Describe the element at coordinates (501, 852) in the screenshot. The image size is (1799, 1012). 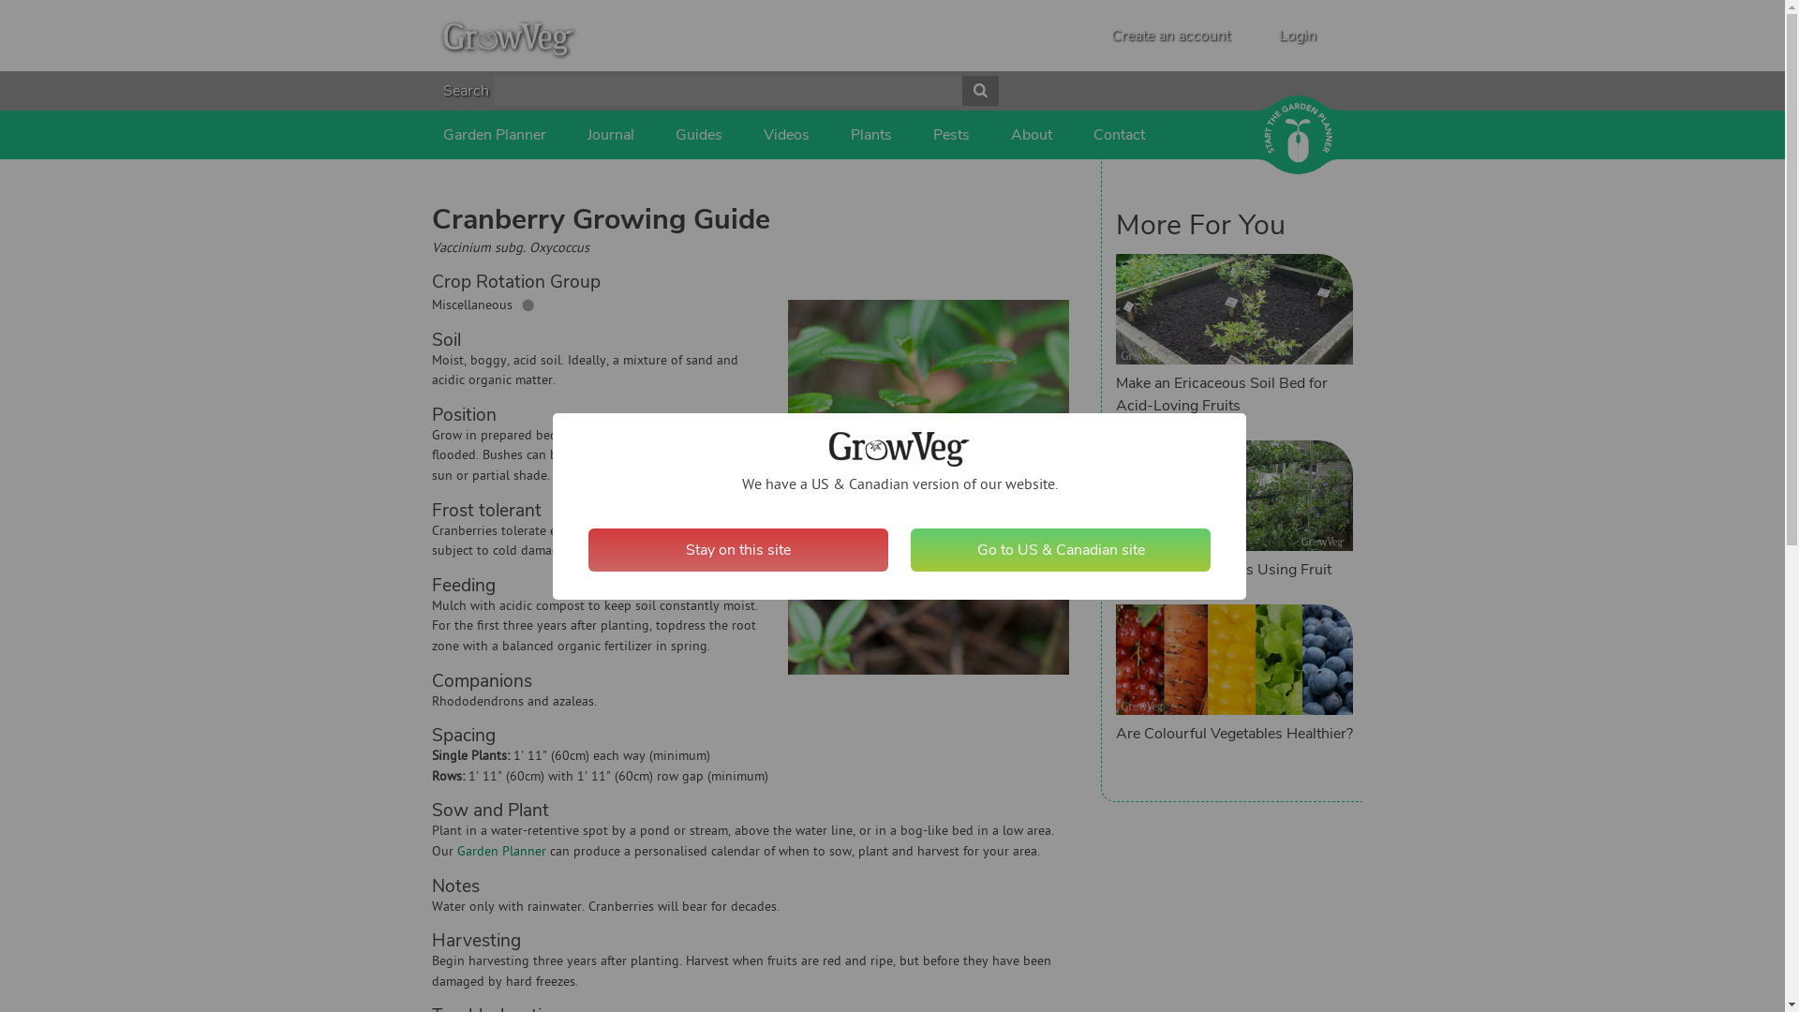
I see `'Garden Planner'` at that location.